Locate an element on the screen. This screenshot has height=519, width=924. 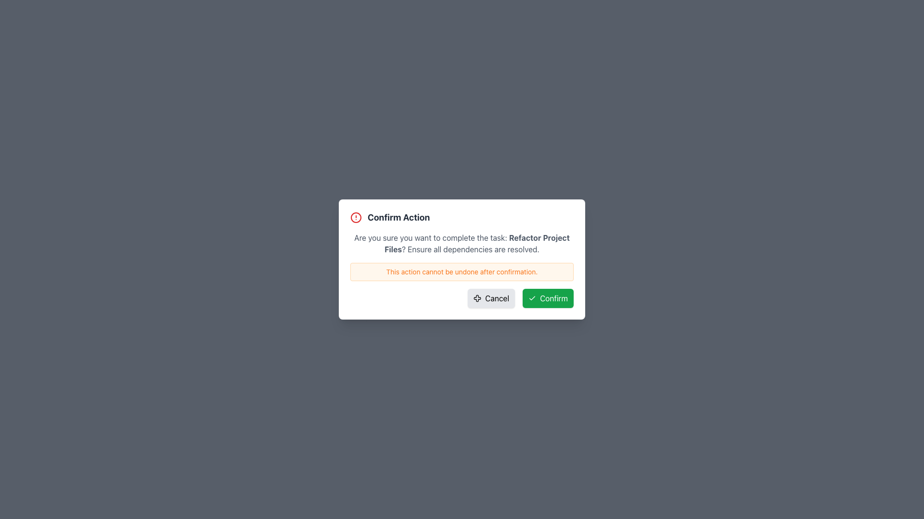
the cancel icon located on the left side of the cancel button in the center of the dialog box, which visually indicates the cancel action is located at coordinates (477, 298).